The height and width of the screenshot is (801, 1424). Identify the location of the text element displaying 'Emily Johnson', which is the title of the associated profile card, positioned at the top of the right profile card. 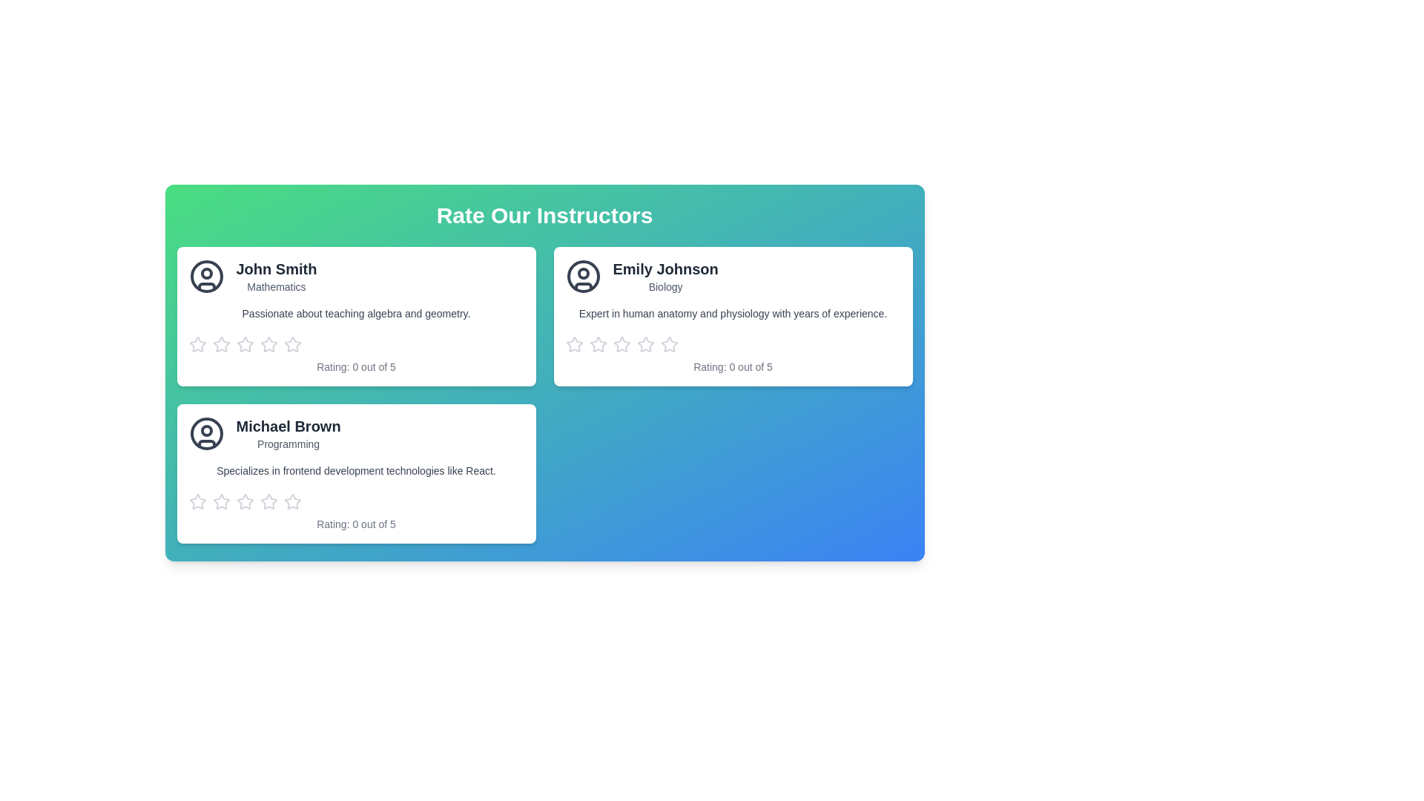
(665, 268).